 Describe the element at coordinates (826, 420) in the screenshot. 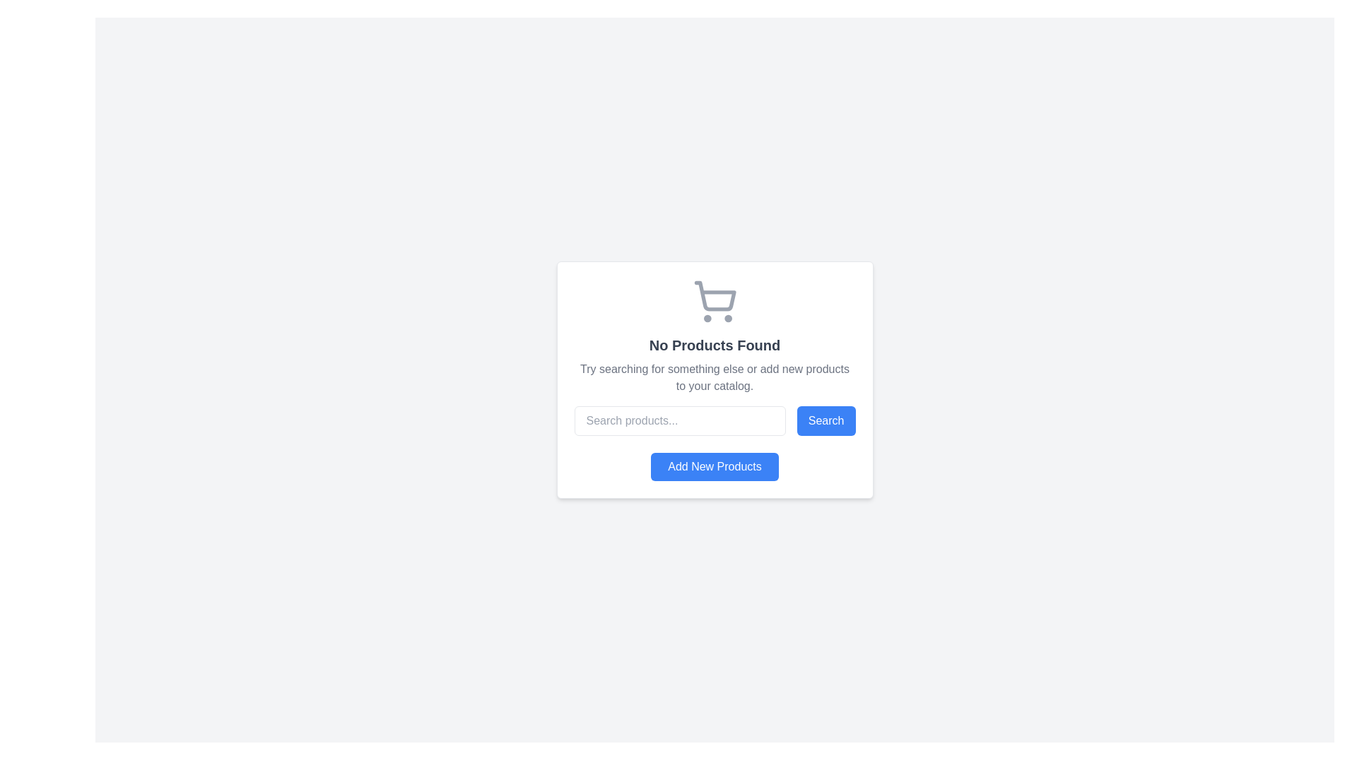

I see `the blue rectangular button labeled 'Search'` at that location.